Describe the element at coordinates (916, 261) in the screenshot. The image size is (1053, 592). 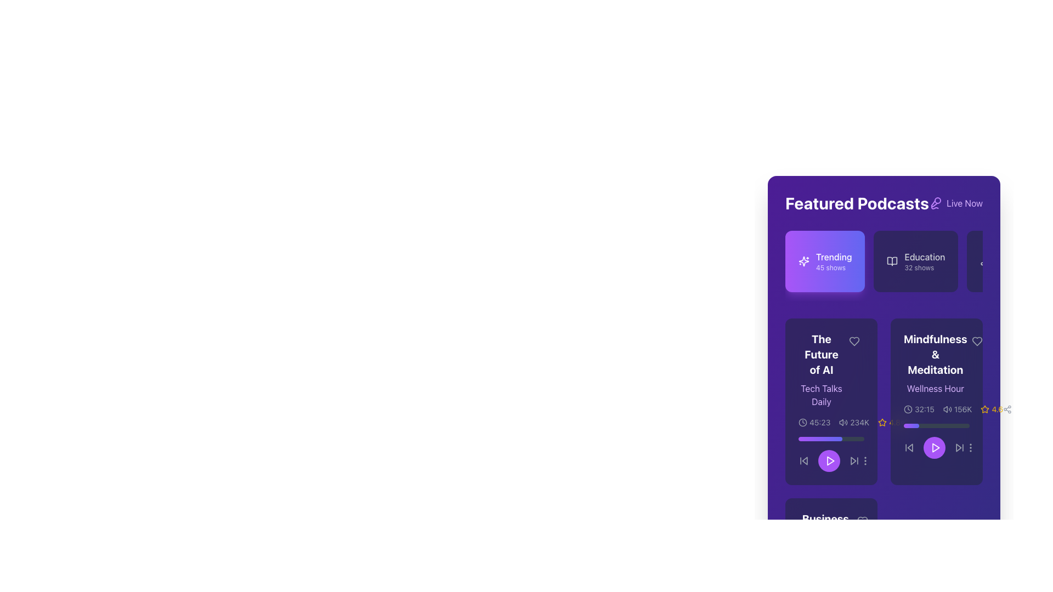
I see `the 'Education' category button, which is the second item in the 'Featured Podcasts' section, located immediately to the right of the 'Trending' element` at that location.